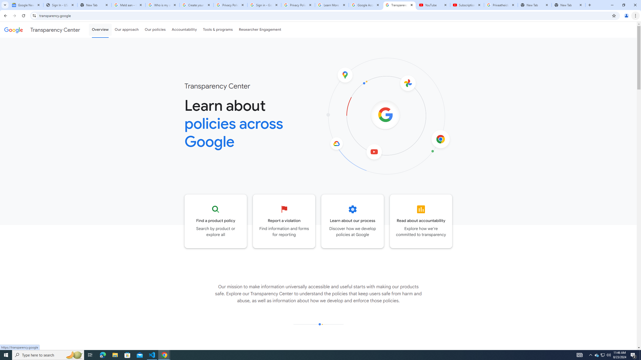  Describe the element at coordinates (264, 5) in the screenshot. I see `'Sign in - Google Accounts'` at that location.